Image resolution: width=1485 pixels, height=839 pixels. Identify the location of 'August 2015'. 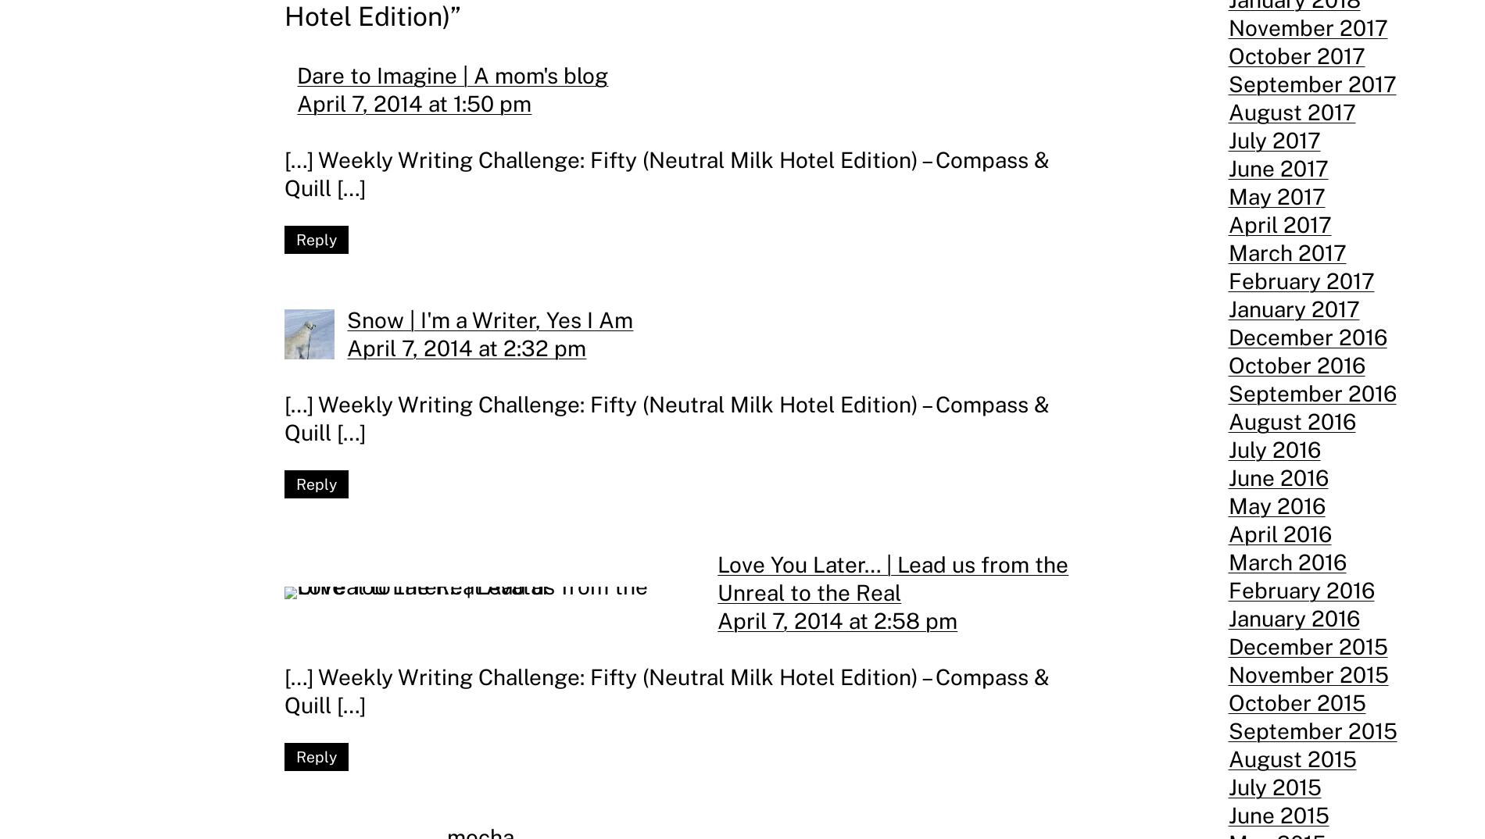
(1292, 758).